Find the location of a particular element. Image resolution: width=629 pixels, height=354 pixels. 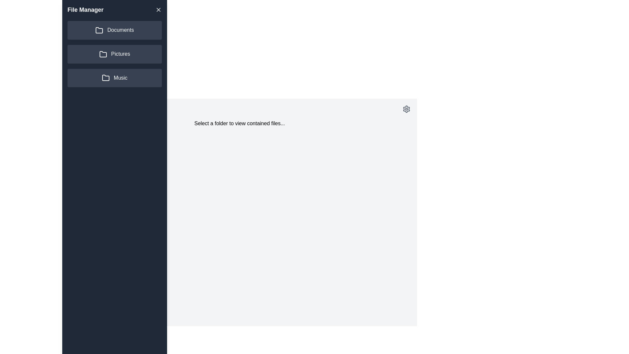

the folder Documents from the side drawer is located at coordinates (115, 30).